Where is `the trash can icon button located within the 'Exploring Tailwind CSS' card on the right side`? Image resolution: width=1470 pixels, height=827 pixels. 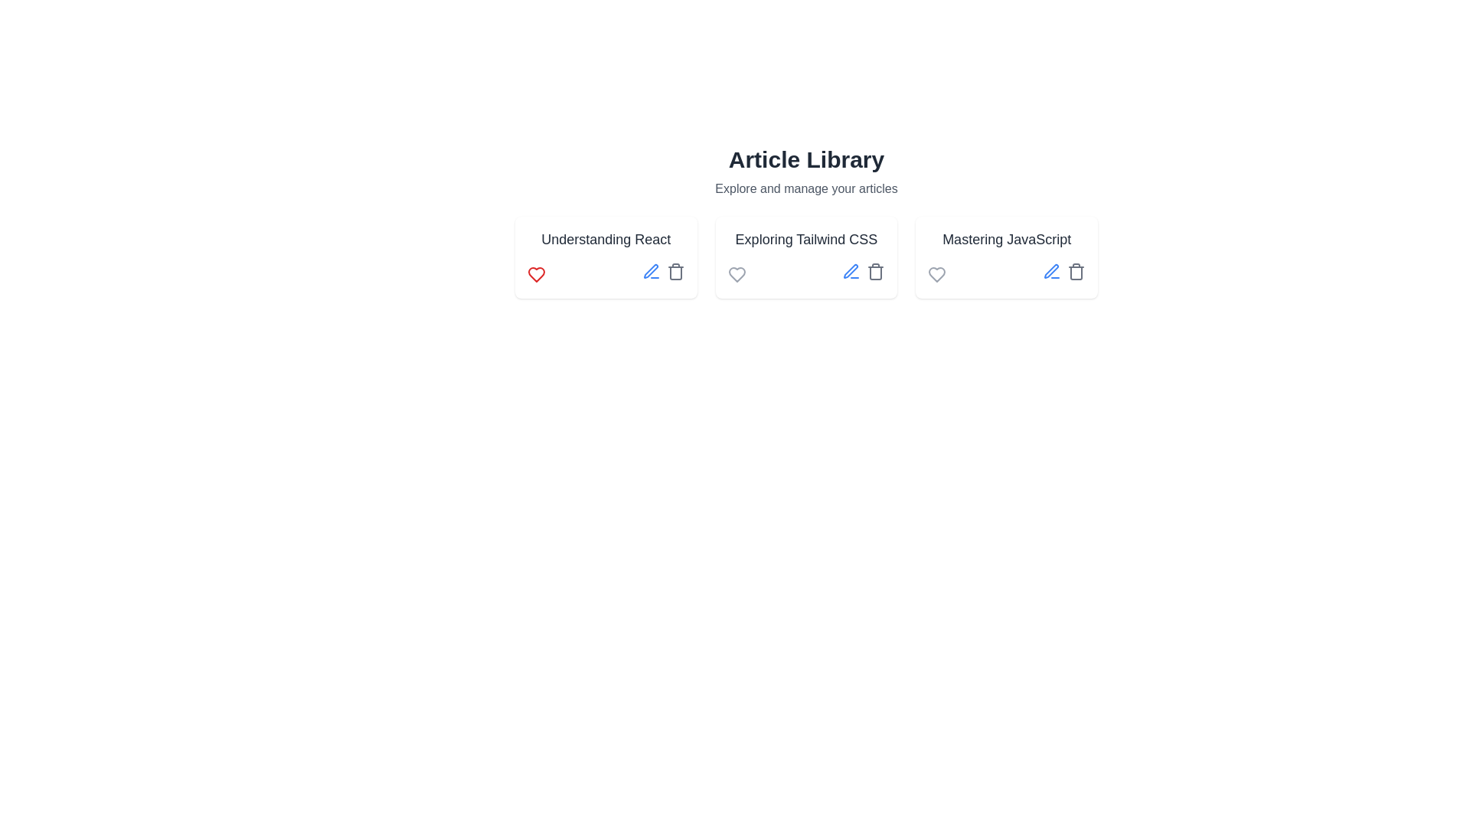
the trash can icon button located within the 'Exploring Tailwind CSS' card on the right side is located at coordinates (876, 270).